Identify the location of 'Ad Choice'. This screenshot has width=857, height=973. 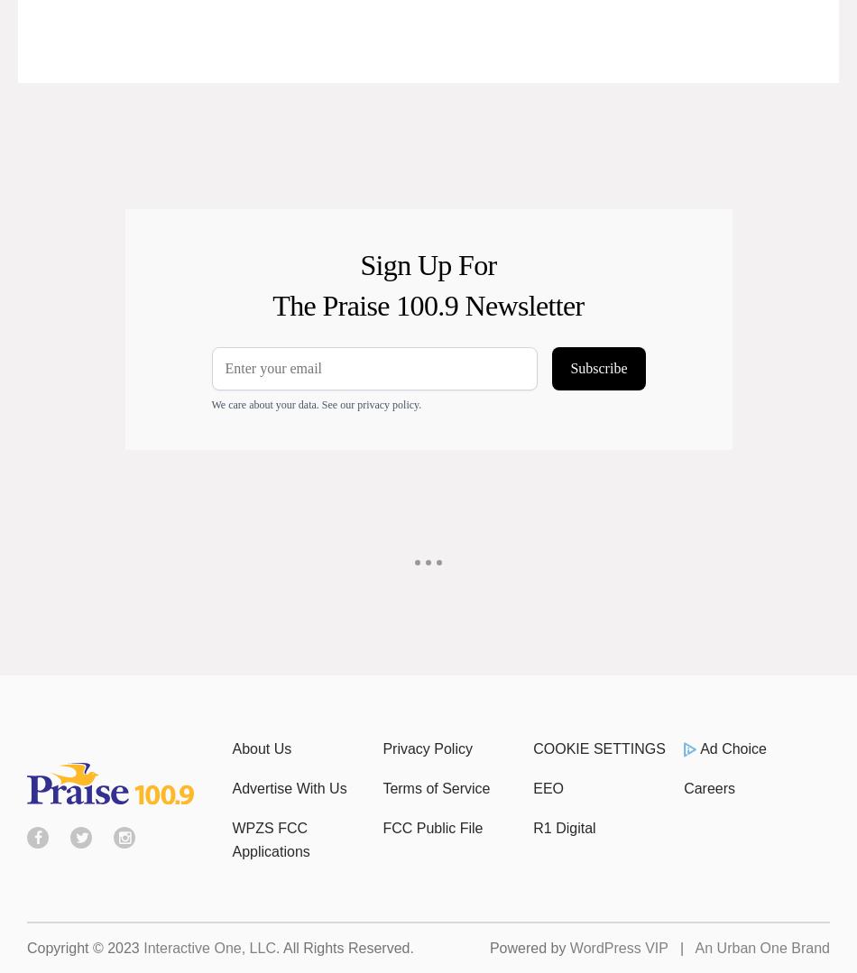
(732, 748).